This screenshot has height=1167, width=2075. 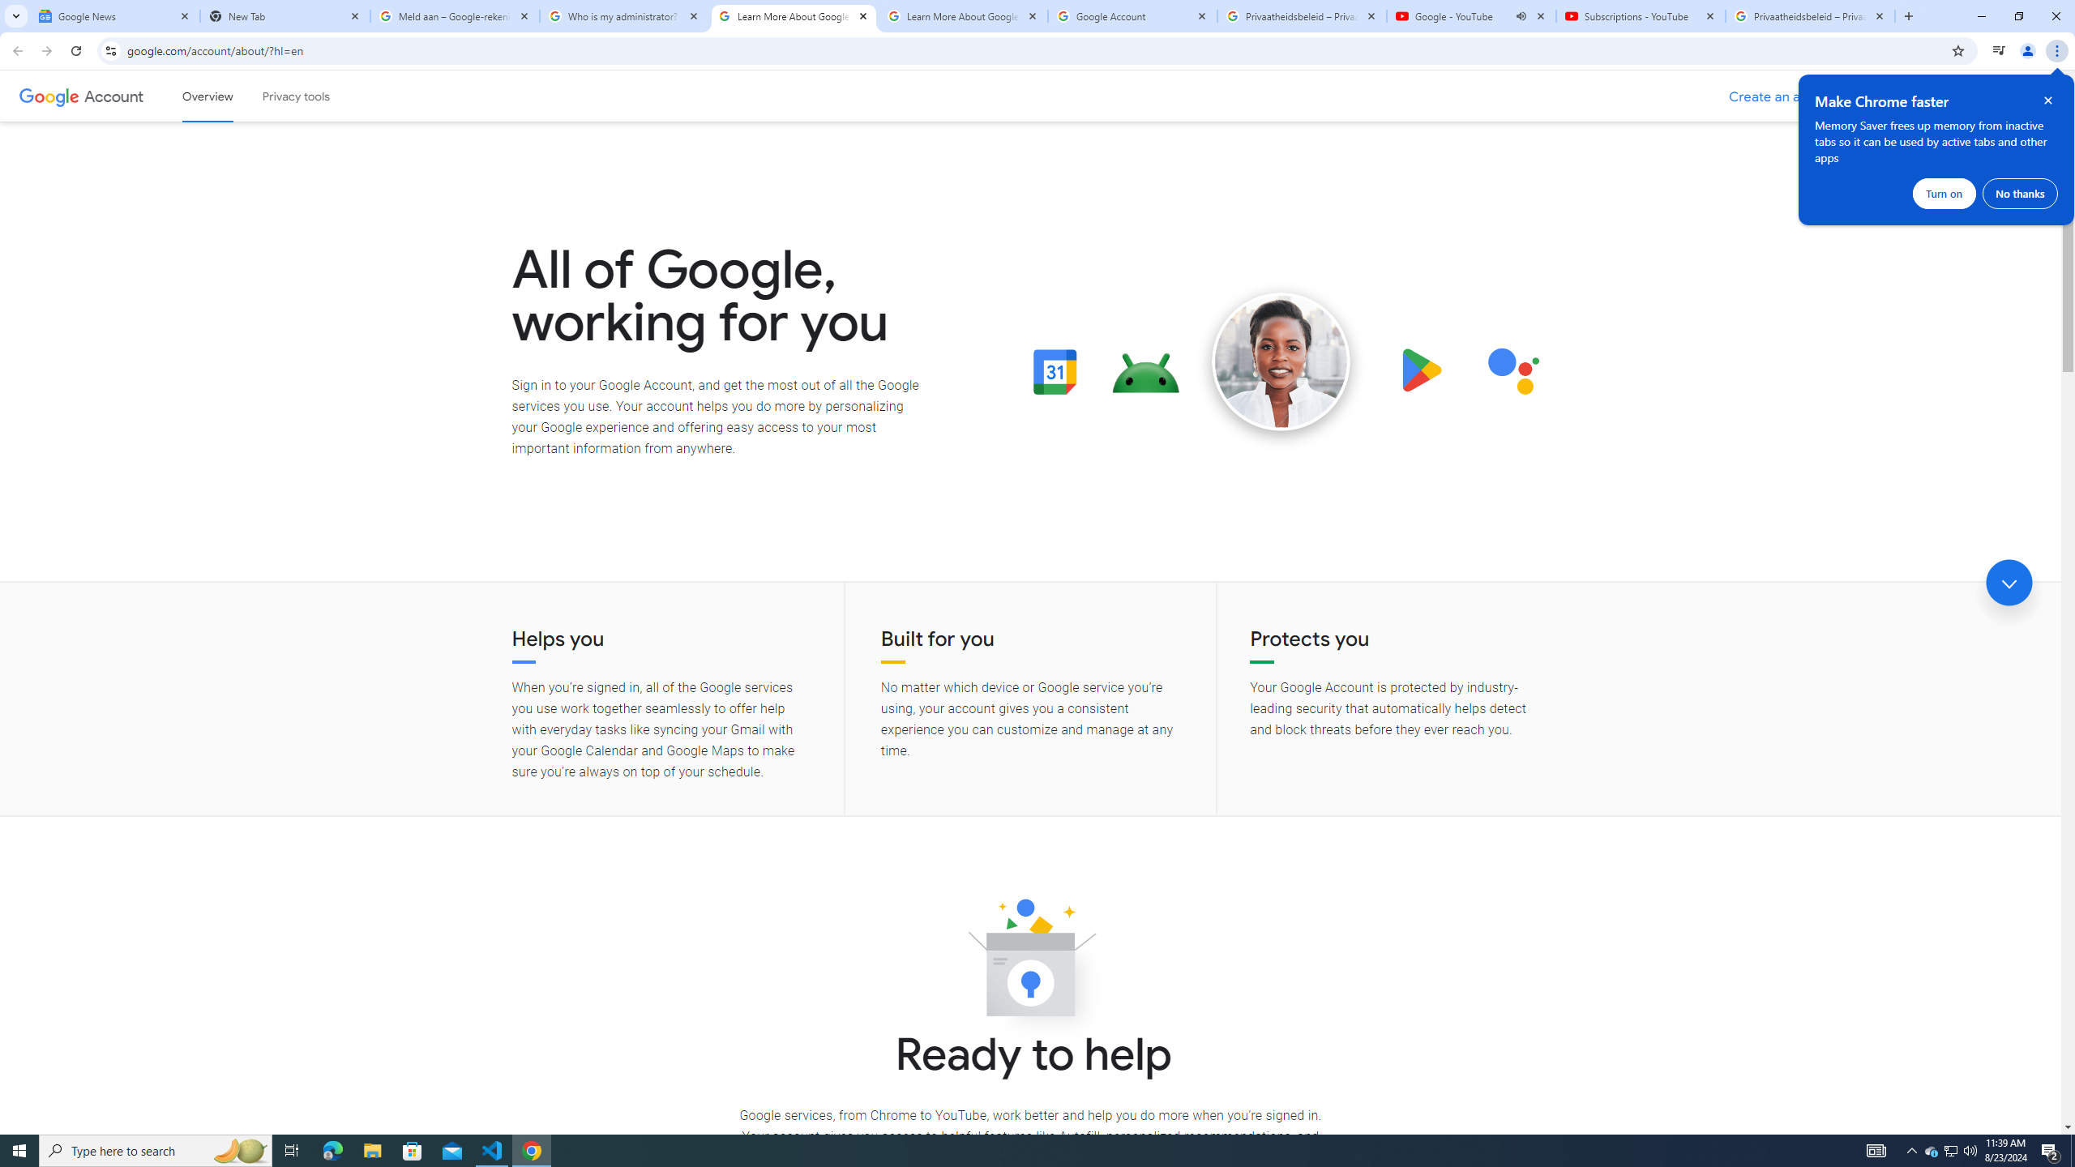 What do you see at coordinates (49, 96) in the screenshot?
I see `'Google logo'` at bounding box center [49, 96].